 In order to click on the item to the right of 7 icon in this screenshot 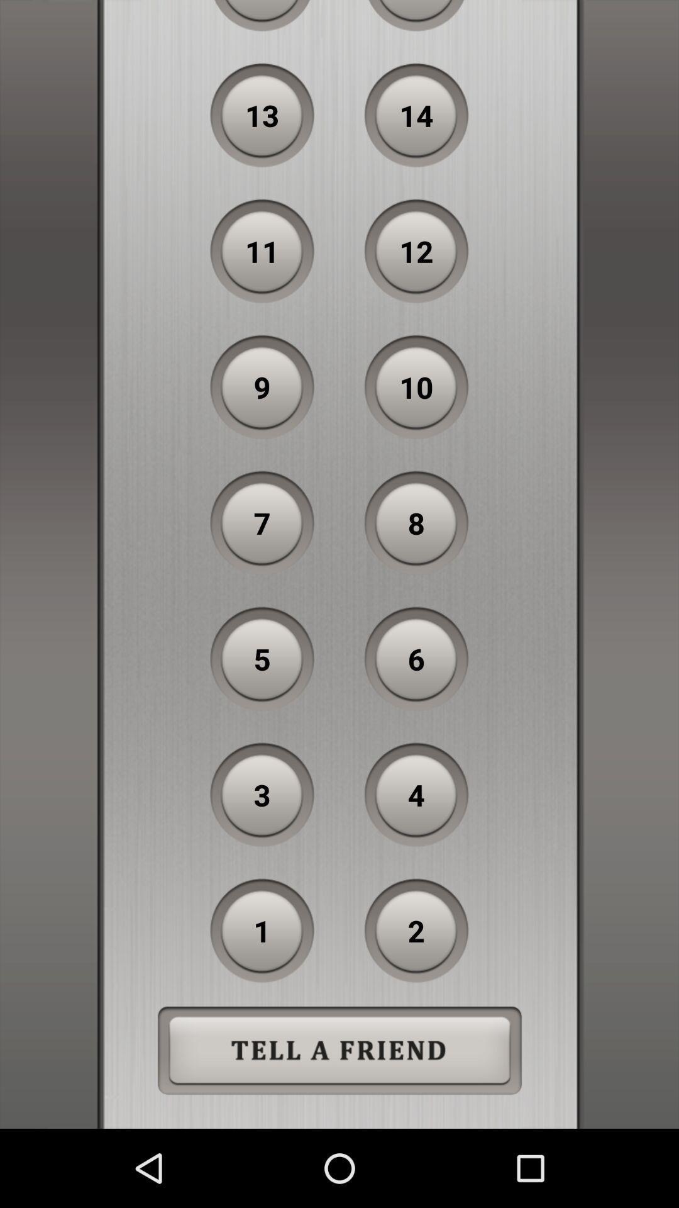, I will do `click(416, 523)`.